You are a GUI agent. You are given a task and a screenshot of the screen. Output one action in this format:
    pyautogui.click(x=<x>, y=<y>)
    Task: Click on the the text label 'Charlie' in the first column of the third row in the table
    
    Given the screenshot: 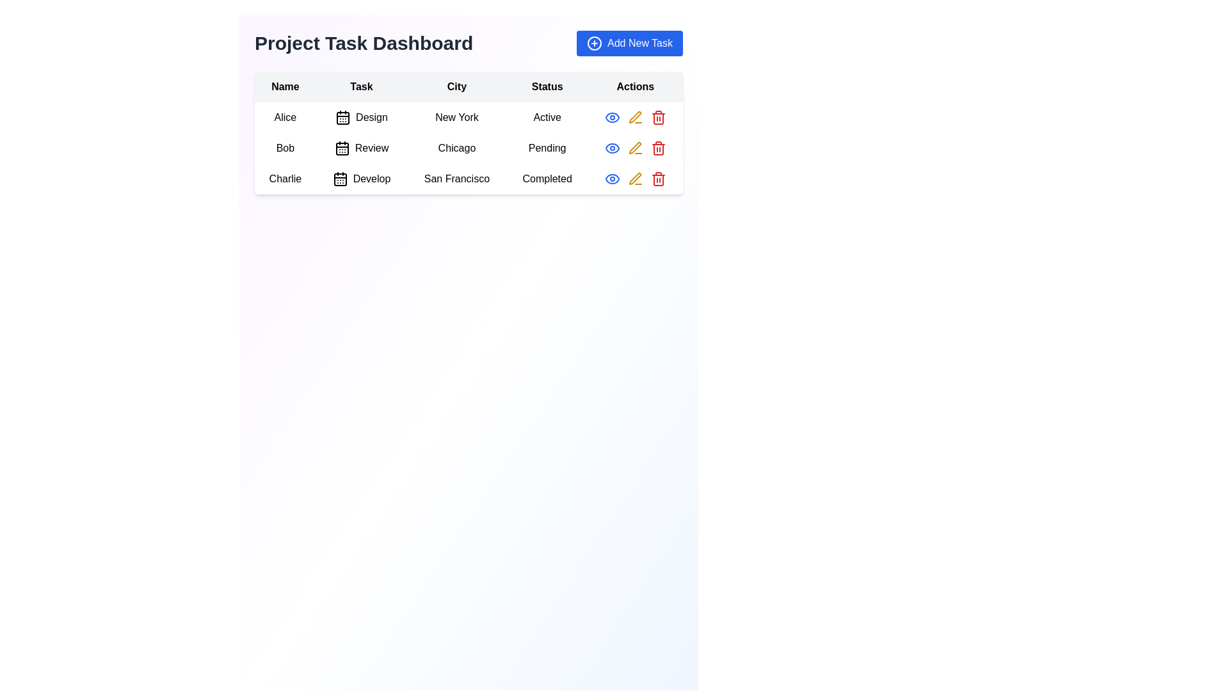 What is the action you would take?
    pyautogui.click(x=285, y=179)
    